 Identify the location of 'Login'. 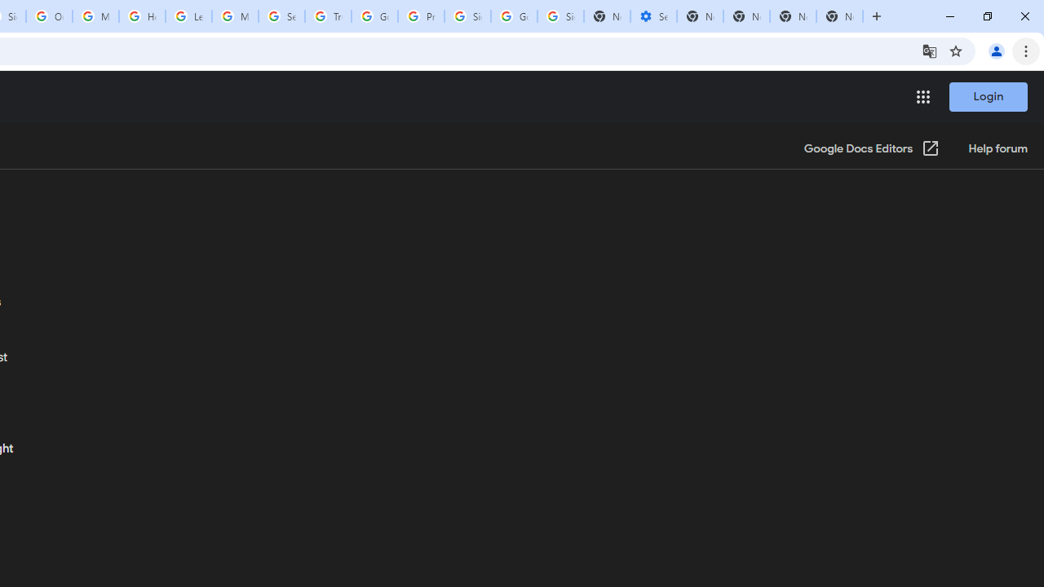
(987, 96).